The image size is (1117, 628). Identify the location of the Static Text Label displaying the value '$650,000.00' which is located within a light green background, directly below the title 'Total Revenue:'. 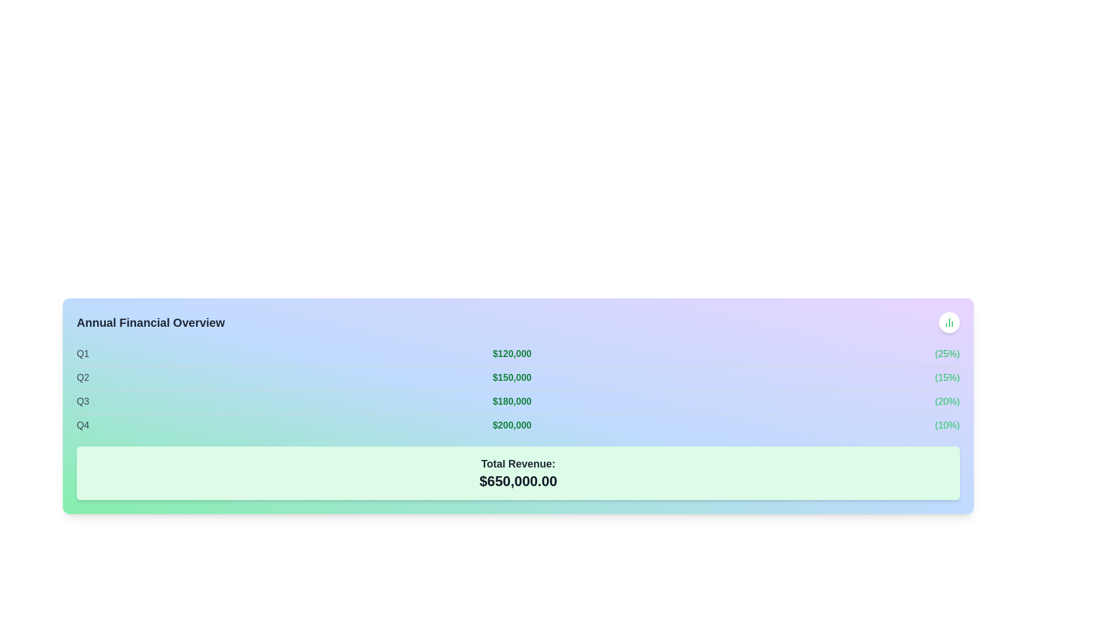
(518, 481).